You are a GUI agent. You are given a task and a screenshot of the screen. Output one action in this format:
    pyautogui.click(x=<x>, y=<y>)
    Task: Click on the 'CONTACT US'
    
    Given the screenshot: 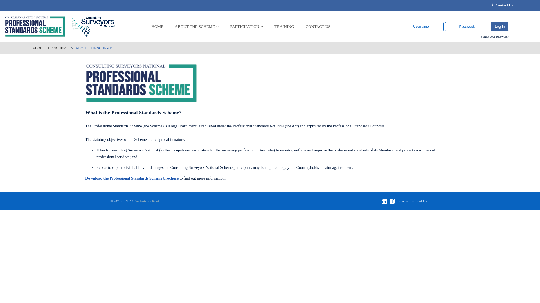 What is the action you would take?
    pyautogui.click(x=318, y=27)
    